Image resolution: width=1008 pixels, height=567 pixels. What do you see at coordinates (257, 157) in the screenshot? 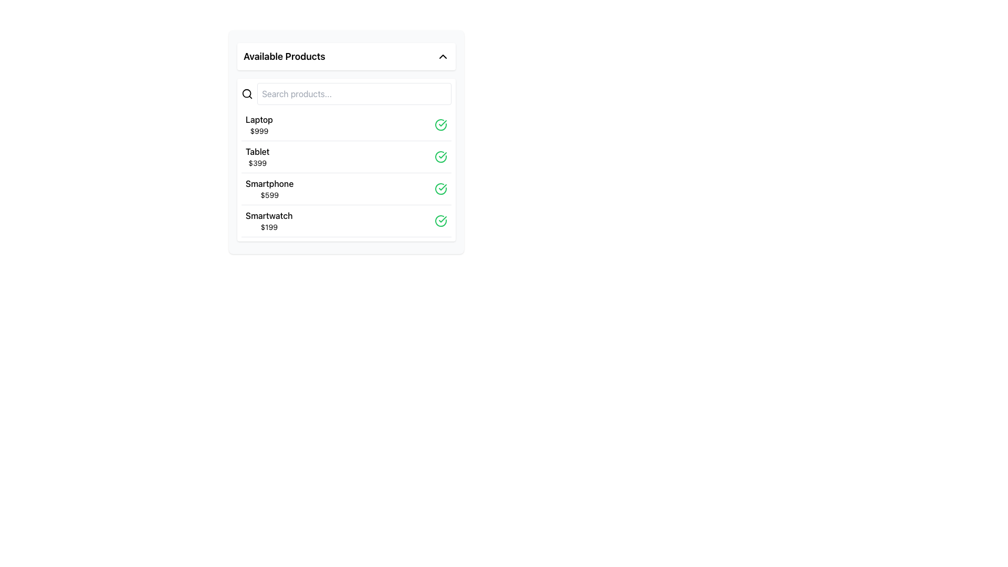
I see `the Text Display element representing a 'Tablet' with a price of '$399', located in the second row of the 'Available Products' section, directly below the 'Laptop $999' entry` at bounding box center [257, 157].